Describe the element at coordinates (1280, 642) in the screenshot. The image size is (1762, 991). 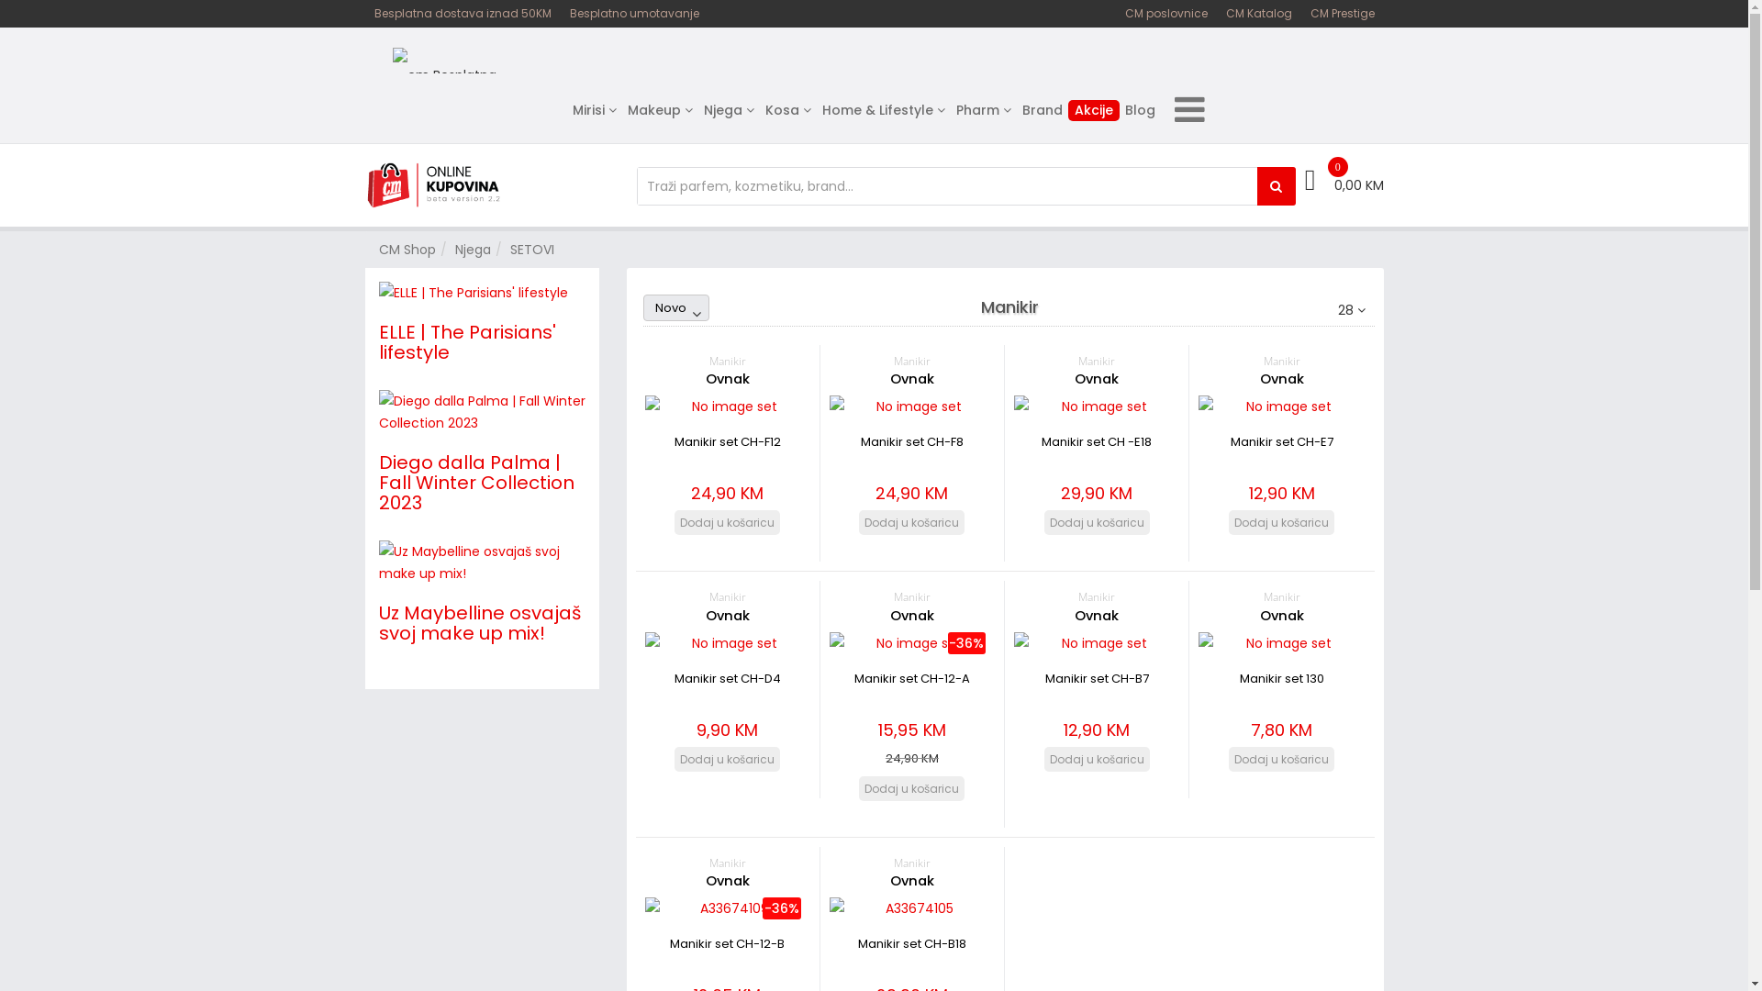
I see `'Manikir set 130 '` at that location.